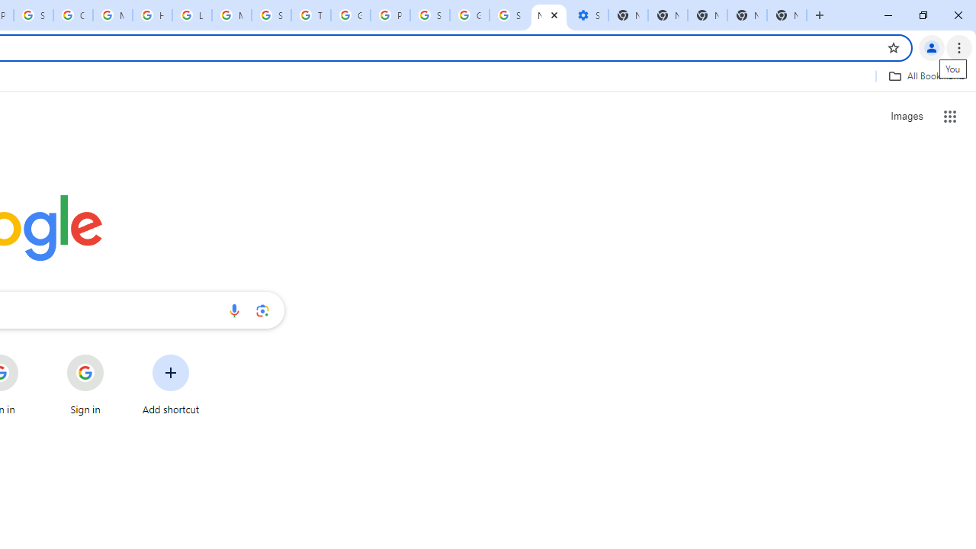 Image resolution: width=976 pixels, height=549 pixels. What do you see at coordinates (746, 15) in the screenshot?
I see `'New Tab'` at bounding box center [746, 15].